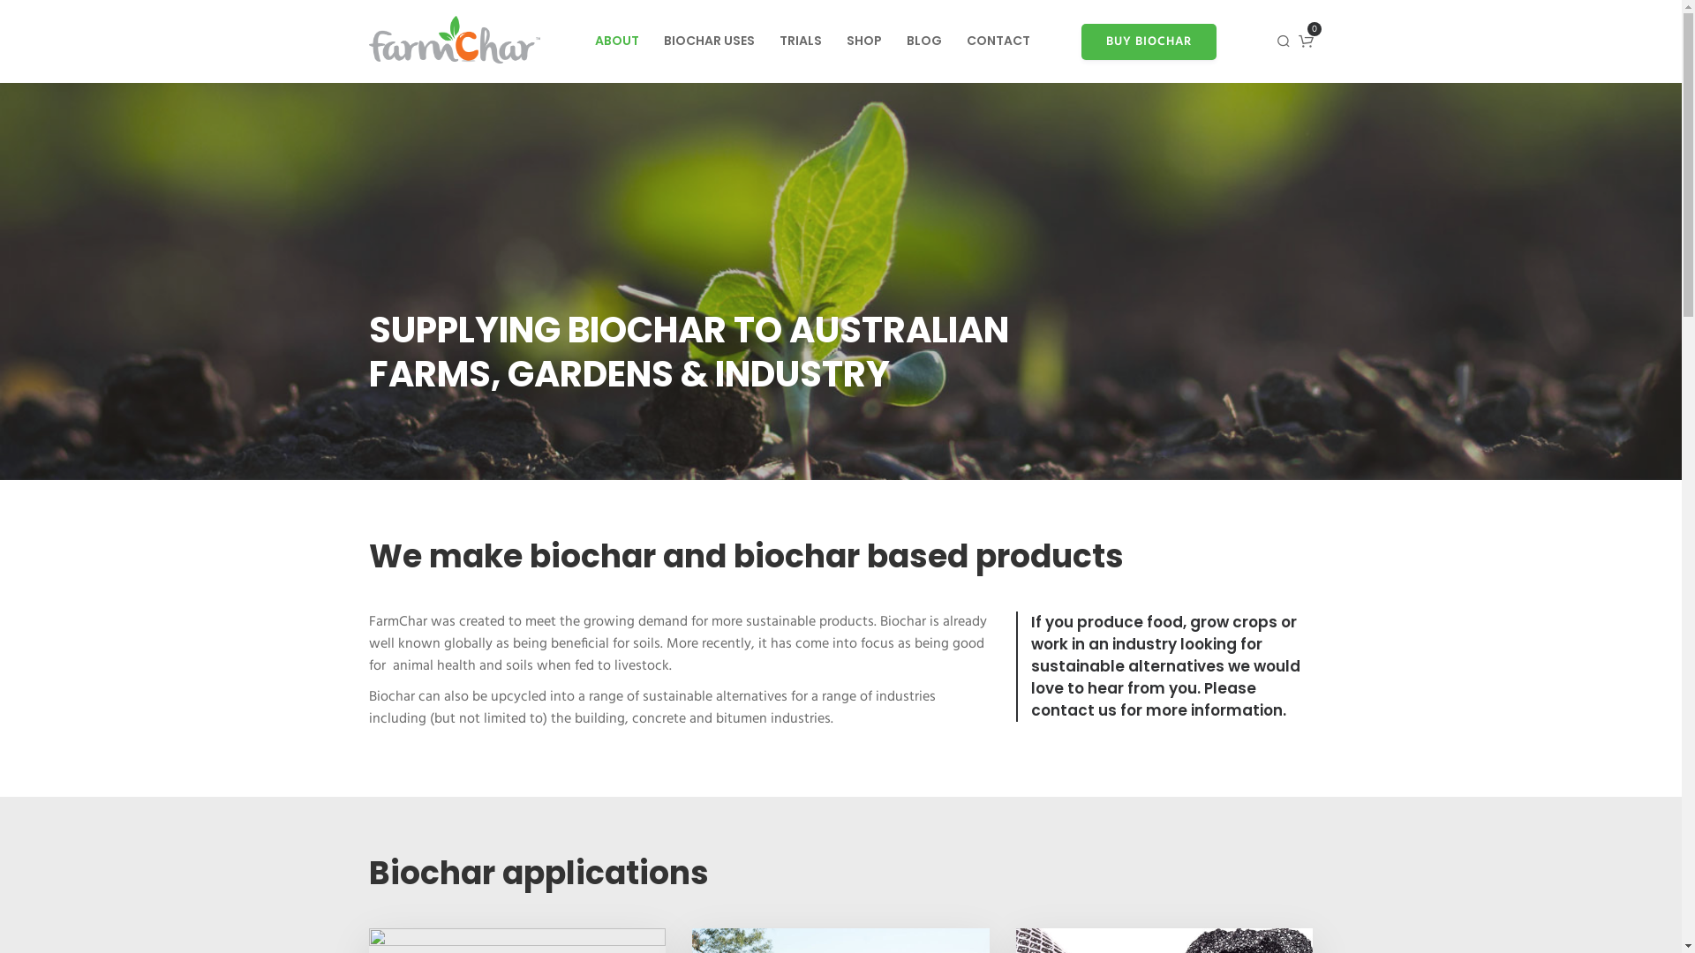 This screenshot has width=1695, height=953. What do you see at coordinates (1148, 40) in the screenshot?
I see `'BUY BIOCHAR'` at bounding box center [1148, 40].